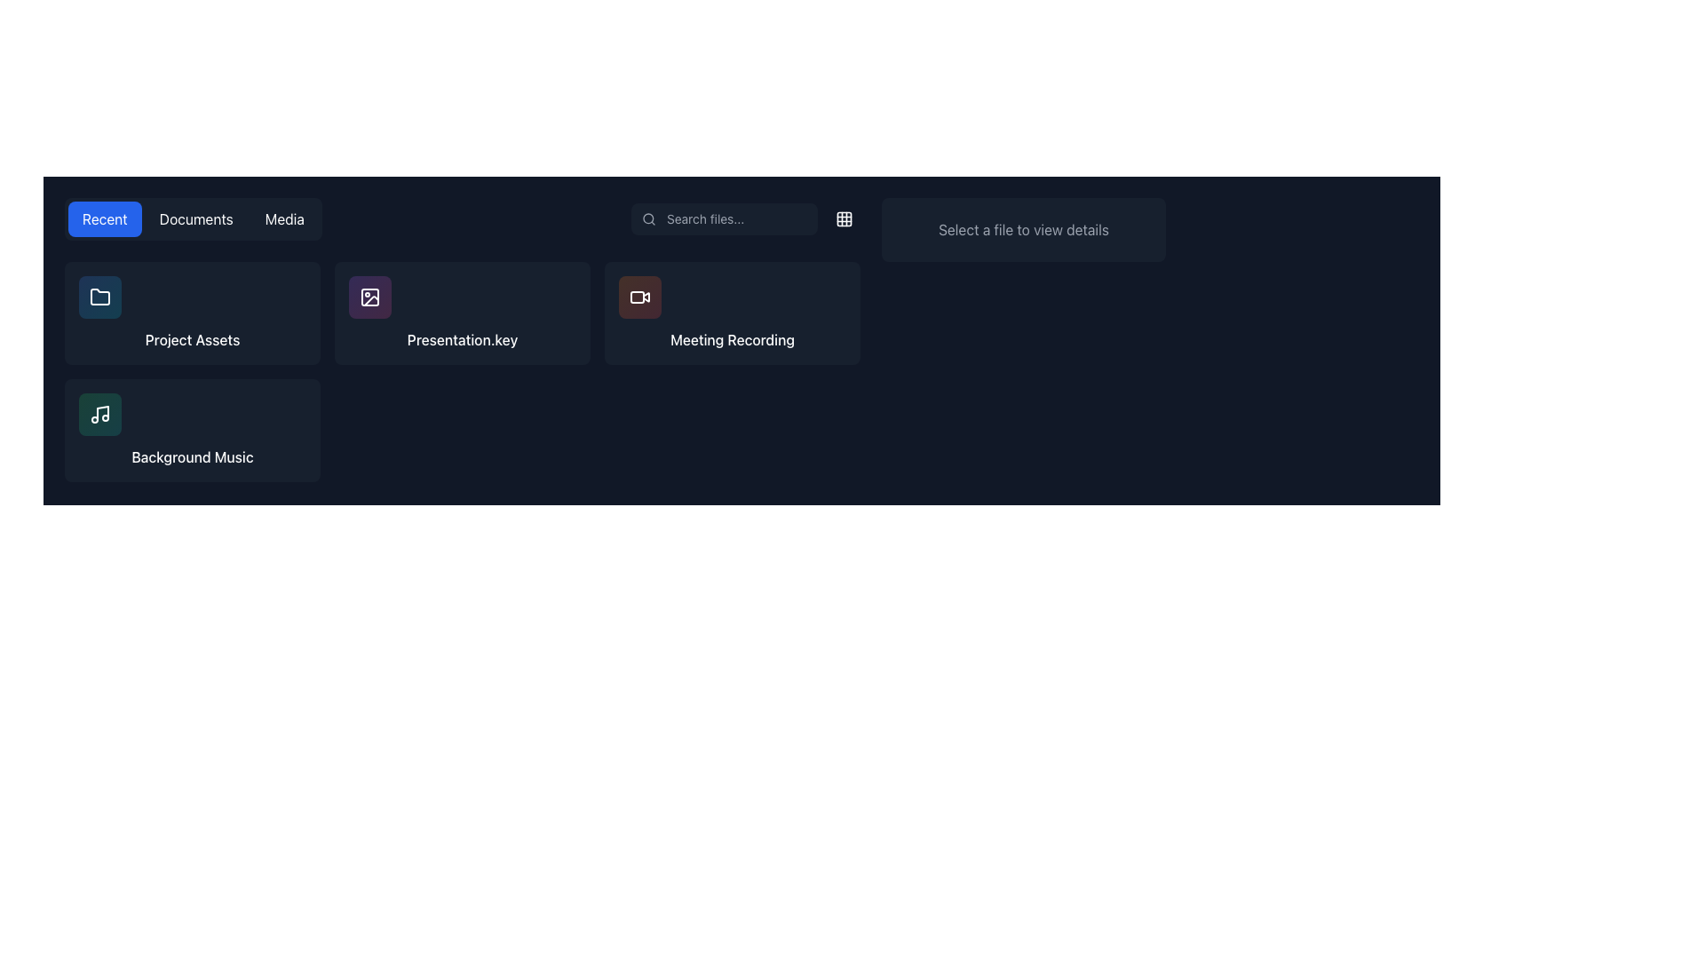 This screenshot has height=959, width=1705. What do you see at coordinates (369, 297) in the screenshot?
I see `the square-shaped button with a gradient background and a landscape photograph icon` at bounding box center [369, 297].